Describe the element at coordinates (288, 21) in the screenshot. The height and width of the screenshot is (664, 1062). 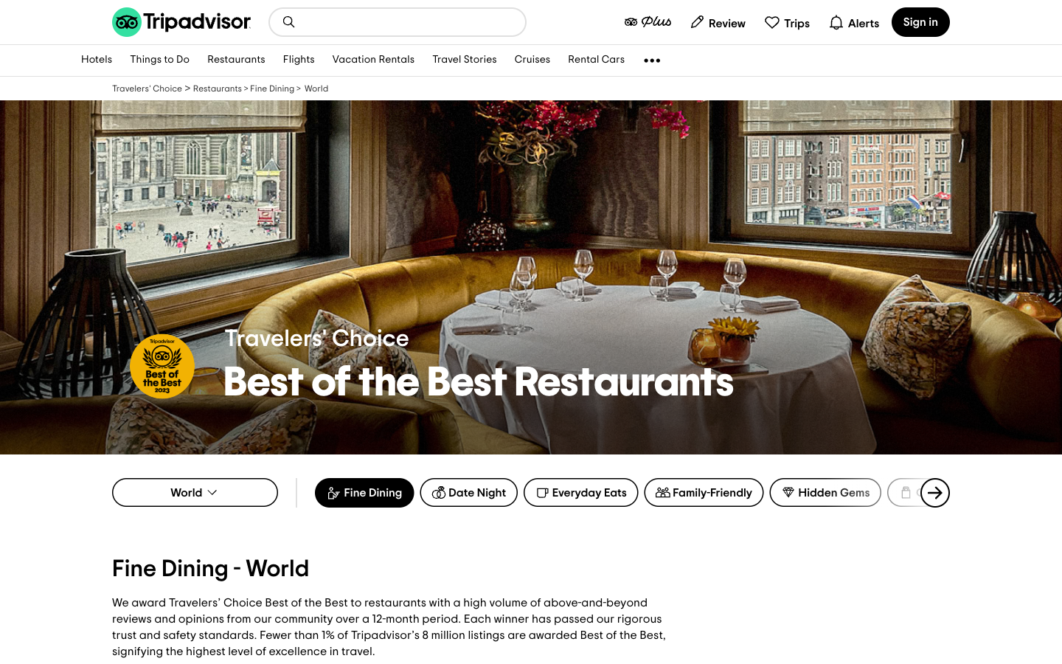
I see `Look up nearby lodgings` at that location.